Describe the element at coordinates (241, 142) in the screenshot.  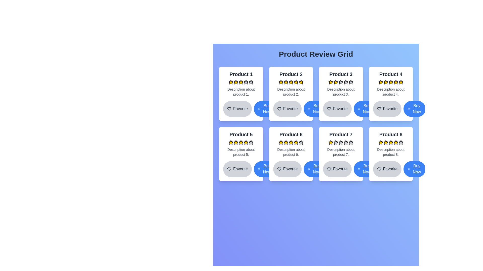
I see `the second rating star icon for 'Product 5' to give a rating` at that location.